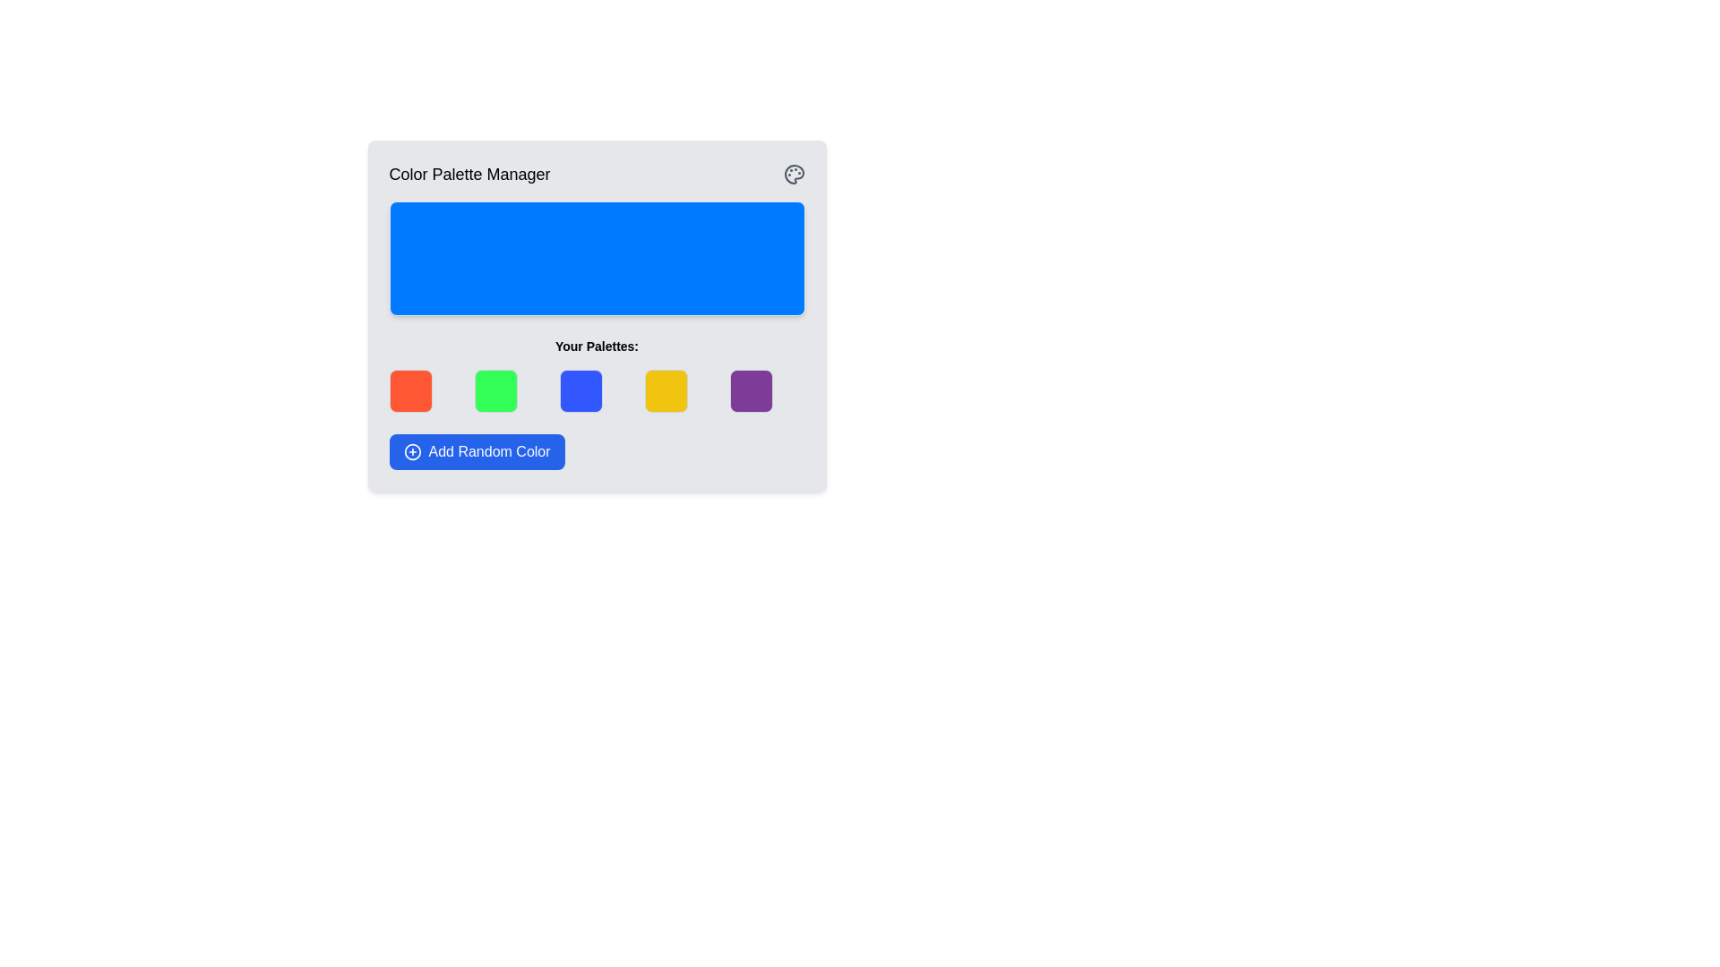  What do you see at coordinates (597, 389) in the screenshot?
I see `the blue color cell in the interactive grid located below the 'Your Palettes:' label` at bounding box center [597, 389].